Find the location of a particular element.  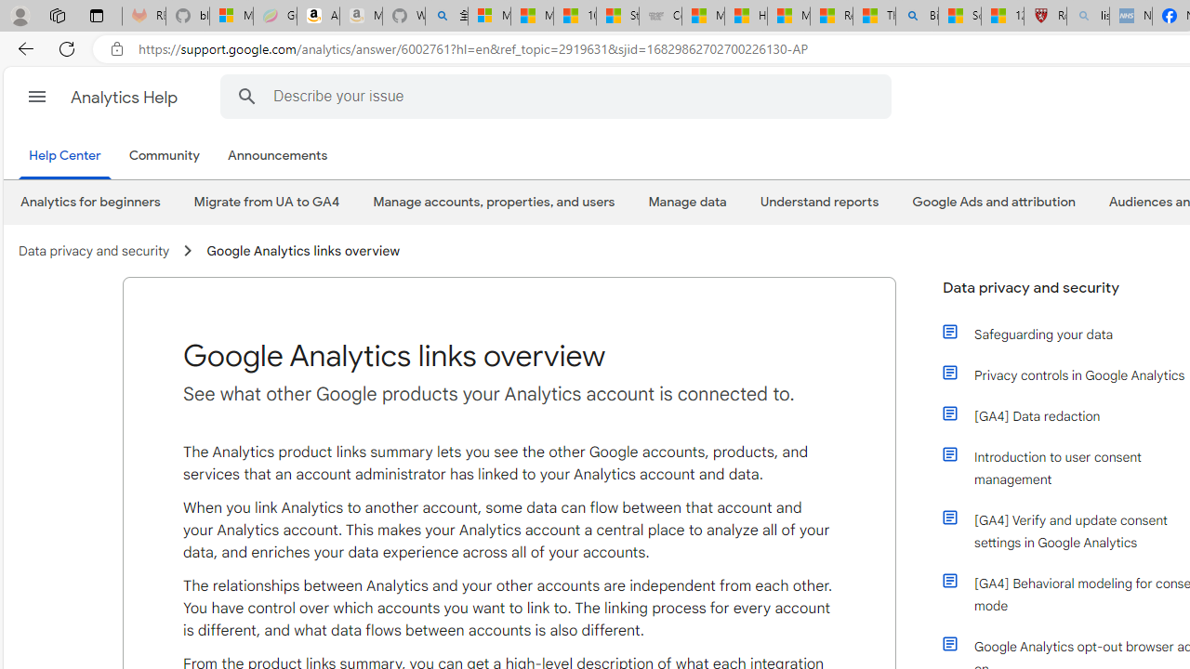

'Main menu' is located at coordinates (36, 97).